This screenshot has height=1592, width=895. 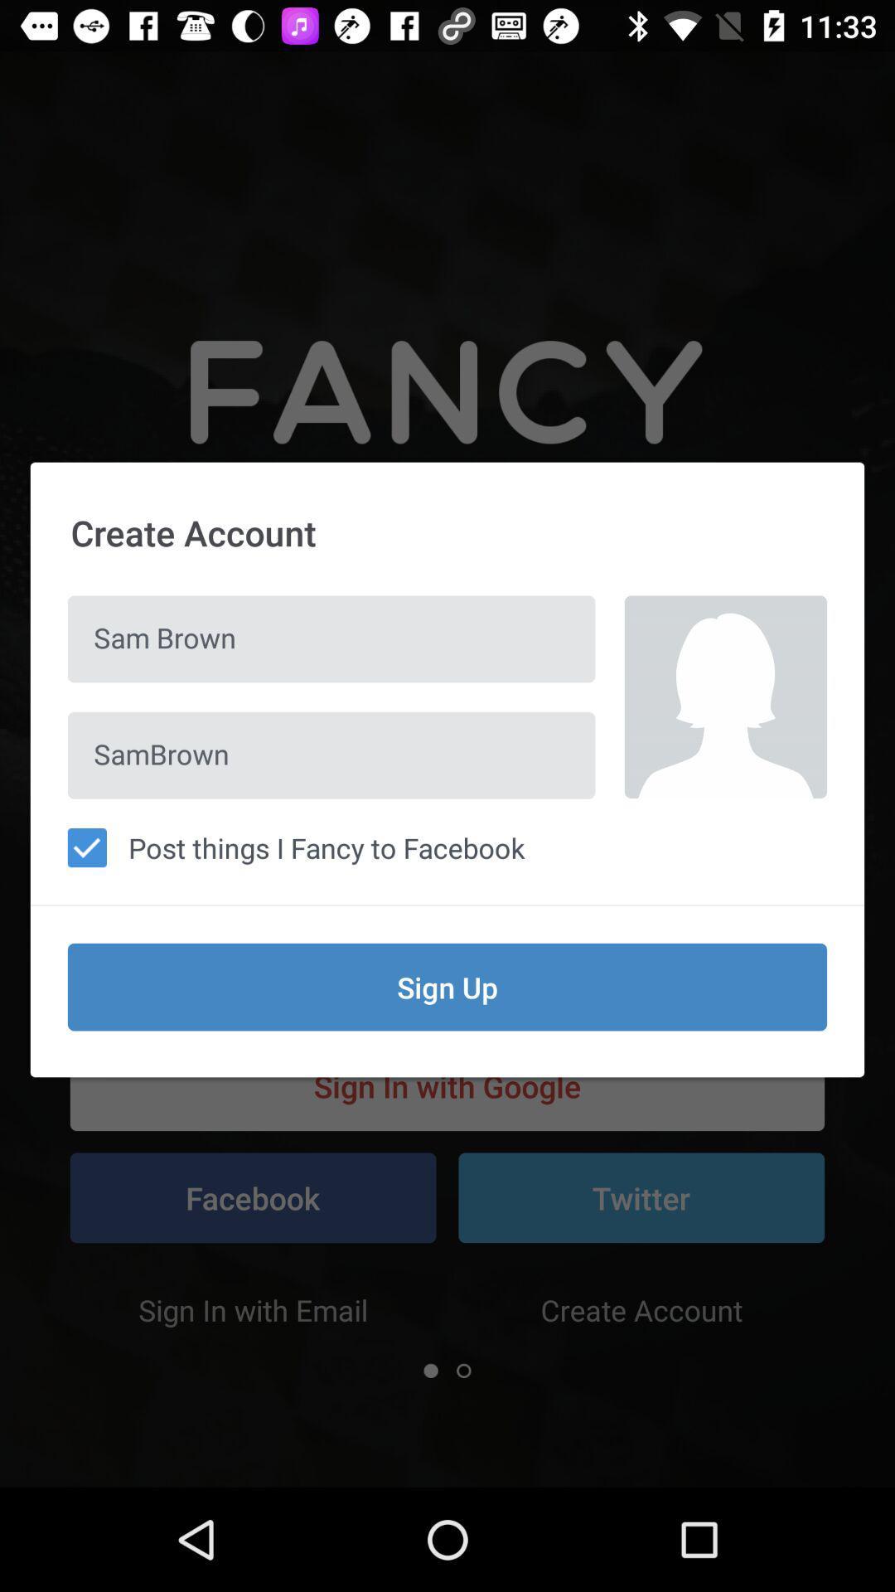 I want to click on sign up, so click(x=447, y=987).